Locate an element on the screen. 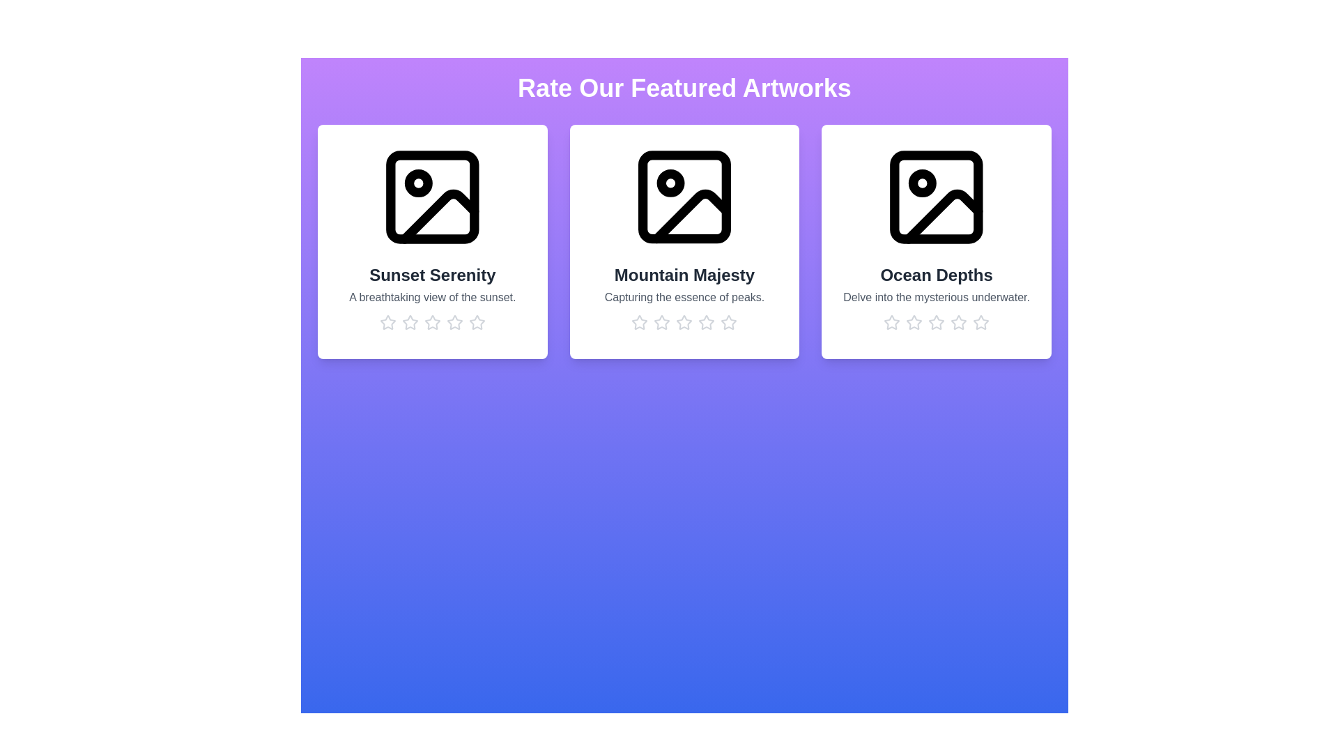 The width and height of the screenshot is (1338, 753). the rating for the artwork 'Ocean Depths' to 5 stars is located at coordinates (981, 322).